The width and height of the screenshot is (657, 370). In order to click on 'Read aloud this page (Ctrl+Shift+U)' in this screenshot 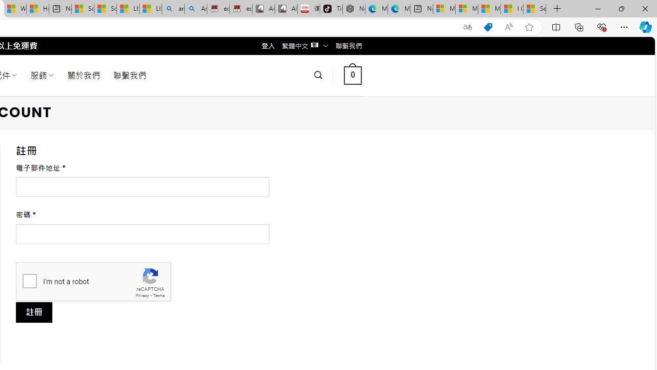, I will do `click(509, 27)`.